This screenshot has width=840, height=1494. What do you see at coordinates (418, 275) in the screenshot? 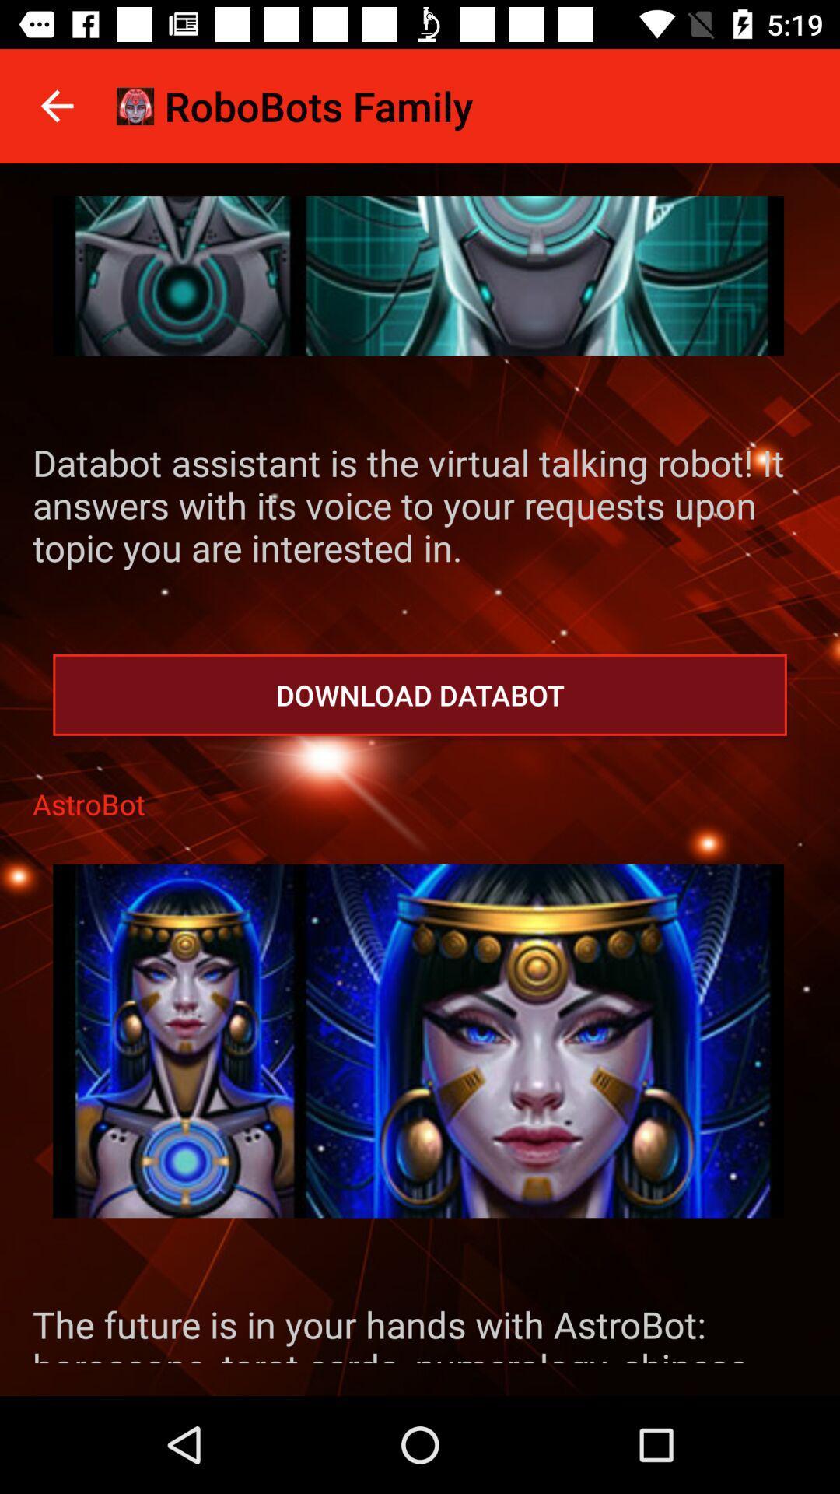
I see `databot` at bounding box center [418, 275].